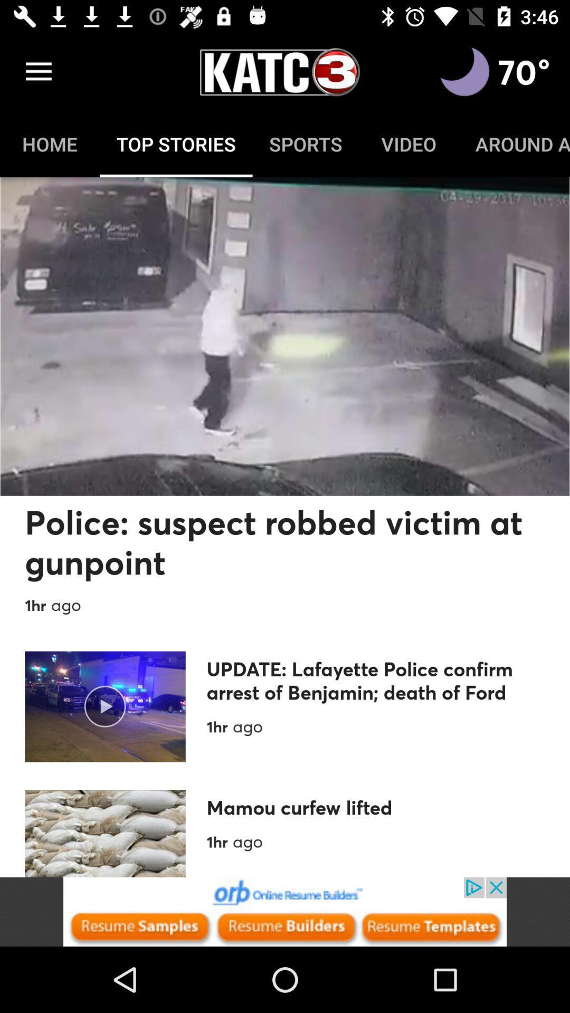 This screenshot has width=570, height=1013. Describe the element at coordinates (285, 911) in the screenshot. I see `another site` at that location.